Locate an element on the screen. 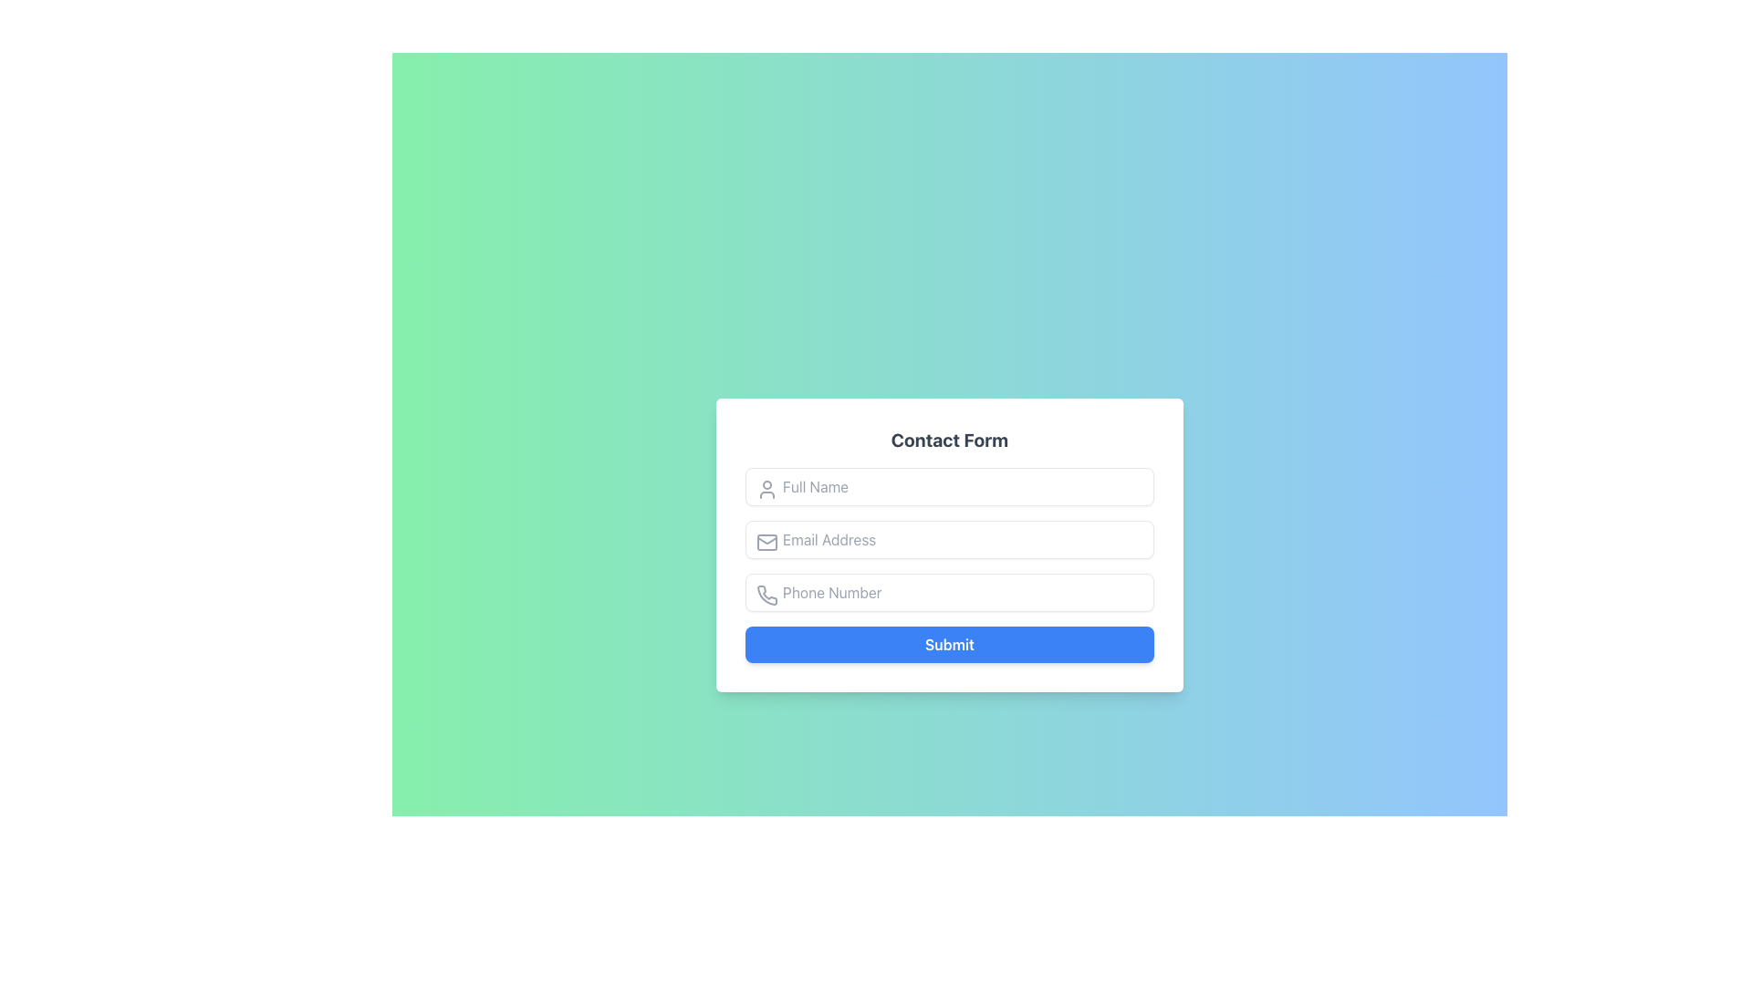 This screenshot has width=1752, height=985. the user icon represented as a simple gray profile silhouette, located to the left of the 'Full Name' text field is located at coordinates (766, 488).